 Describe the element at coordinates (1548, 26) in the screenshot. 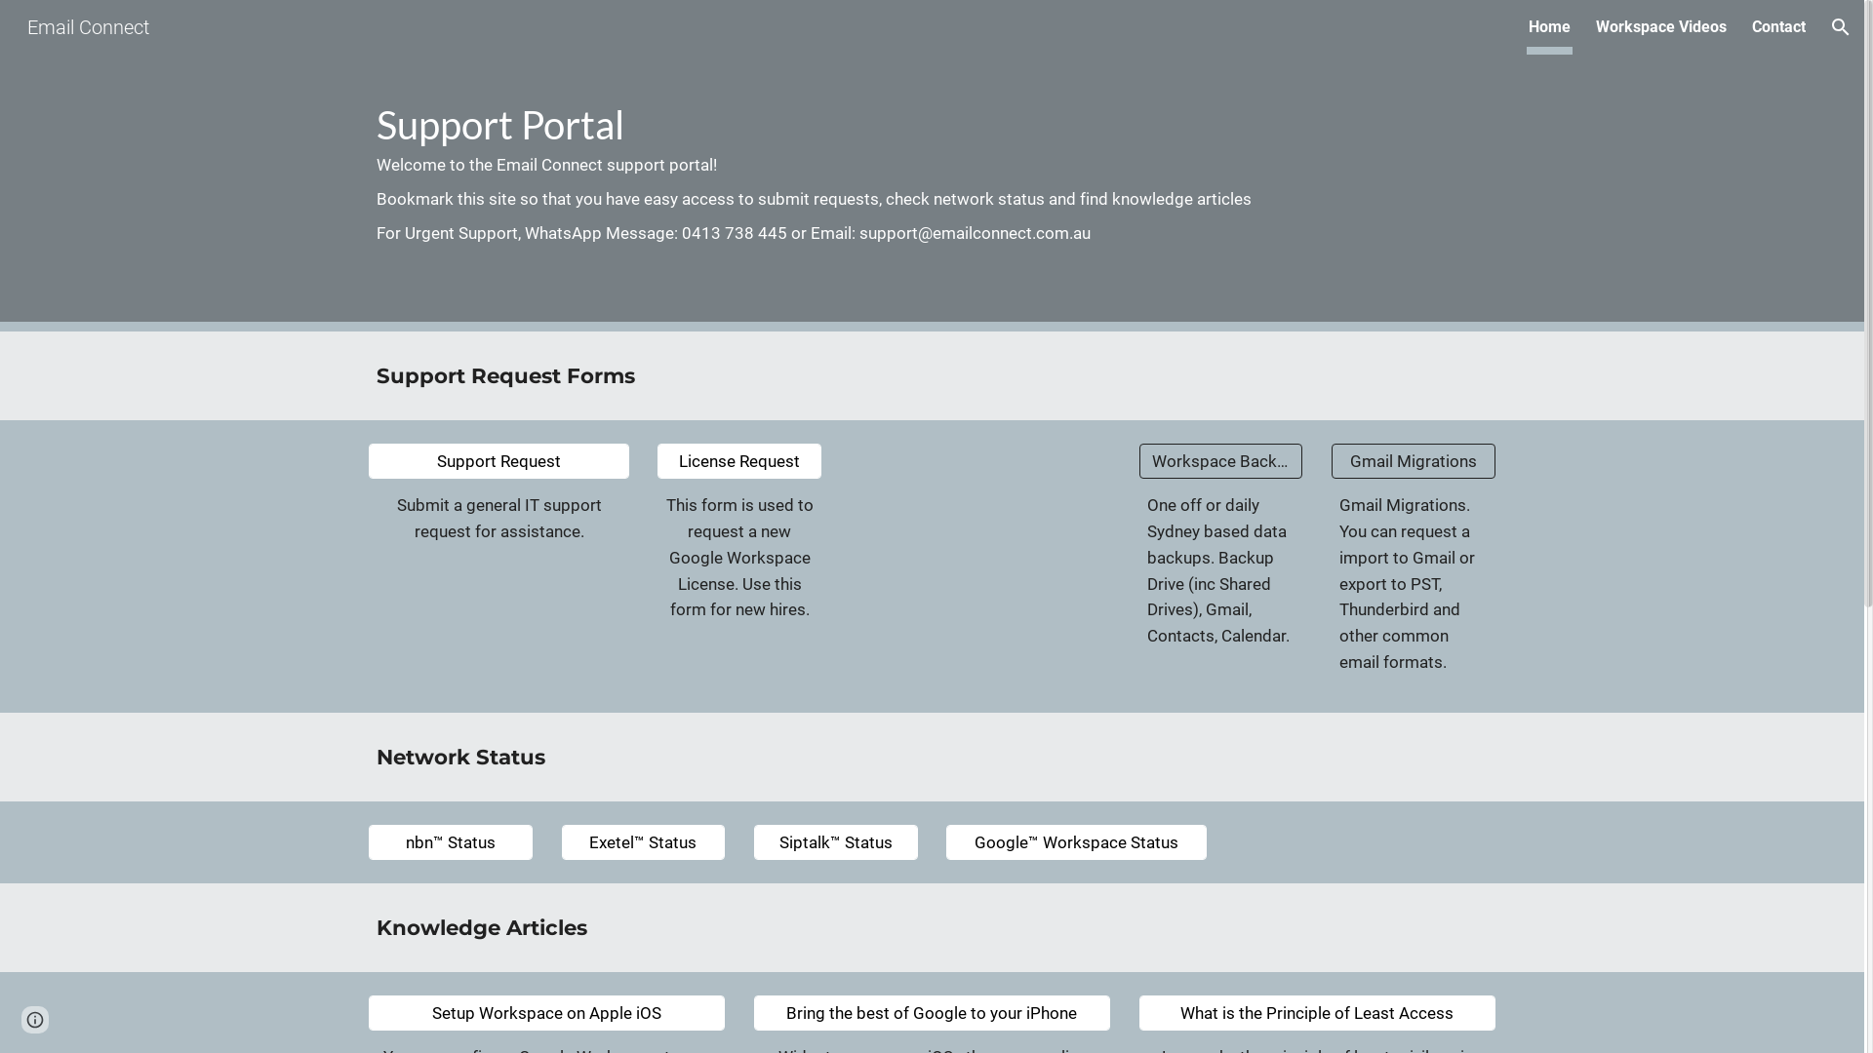

I see `'Home'` at that location.